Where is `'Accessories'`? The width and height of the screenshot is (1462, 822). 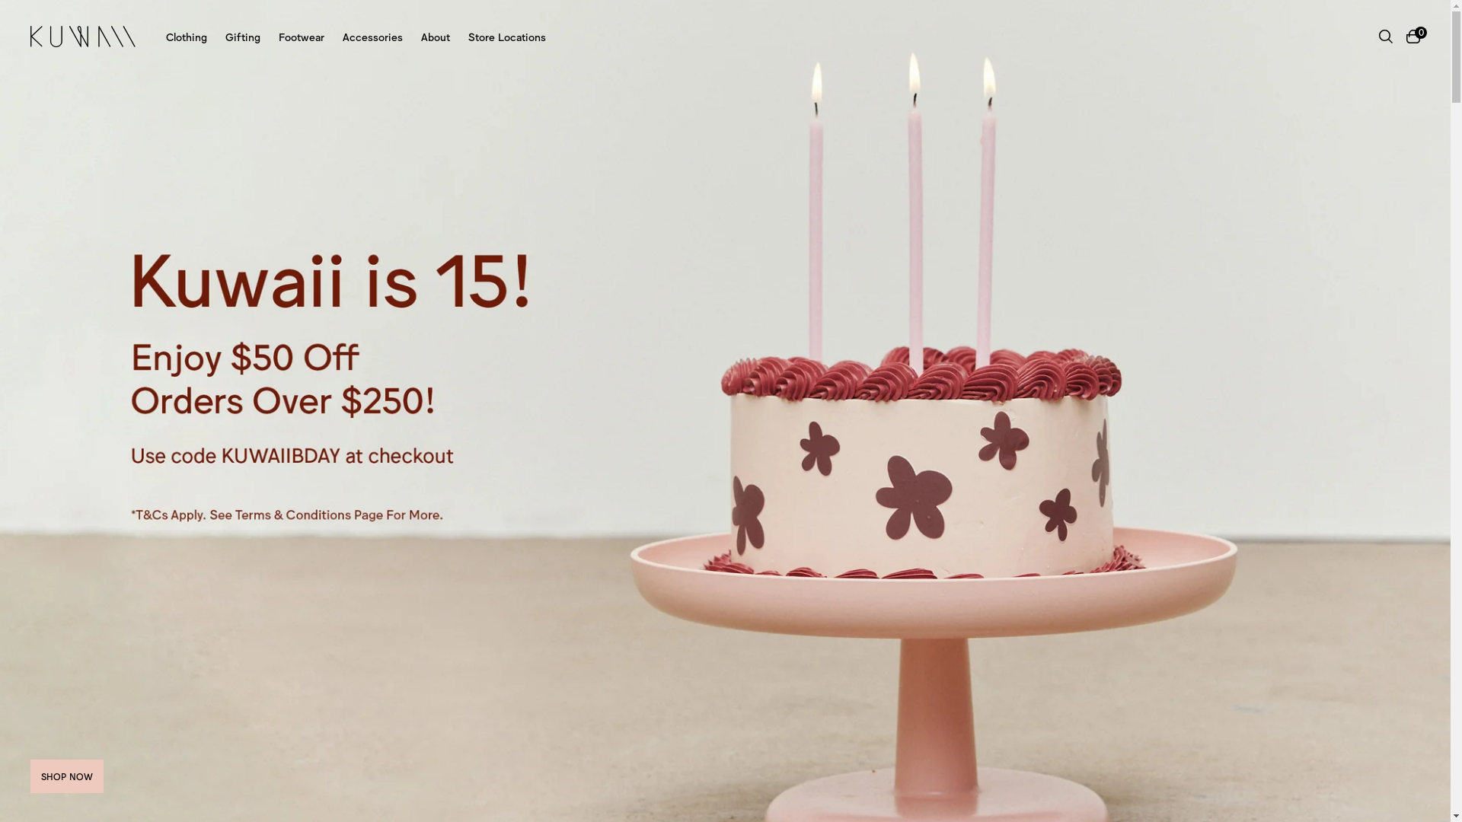
'Accessories' is located at coordinates (372, 35).